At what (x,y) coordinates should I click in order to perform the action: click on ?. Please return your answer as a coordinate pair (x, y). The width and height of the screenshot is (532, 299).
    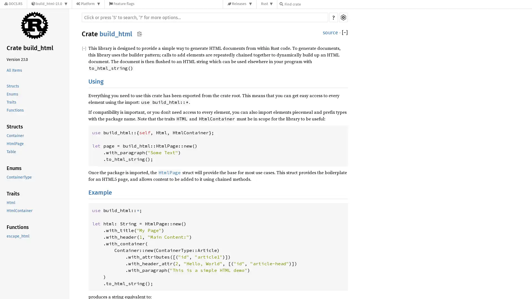
    Looking at the image, I should click on (333, 17).